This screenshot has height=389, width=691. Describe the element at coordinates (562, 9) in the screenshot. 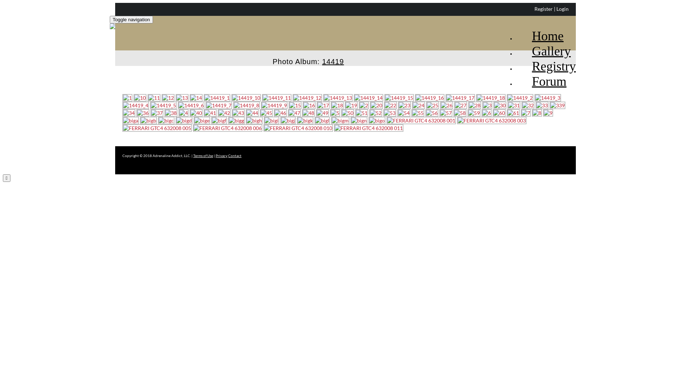

I see `'Login'` at that location.